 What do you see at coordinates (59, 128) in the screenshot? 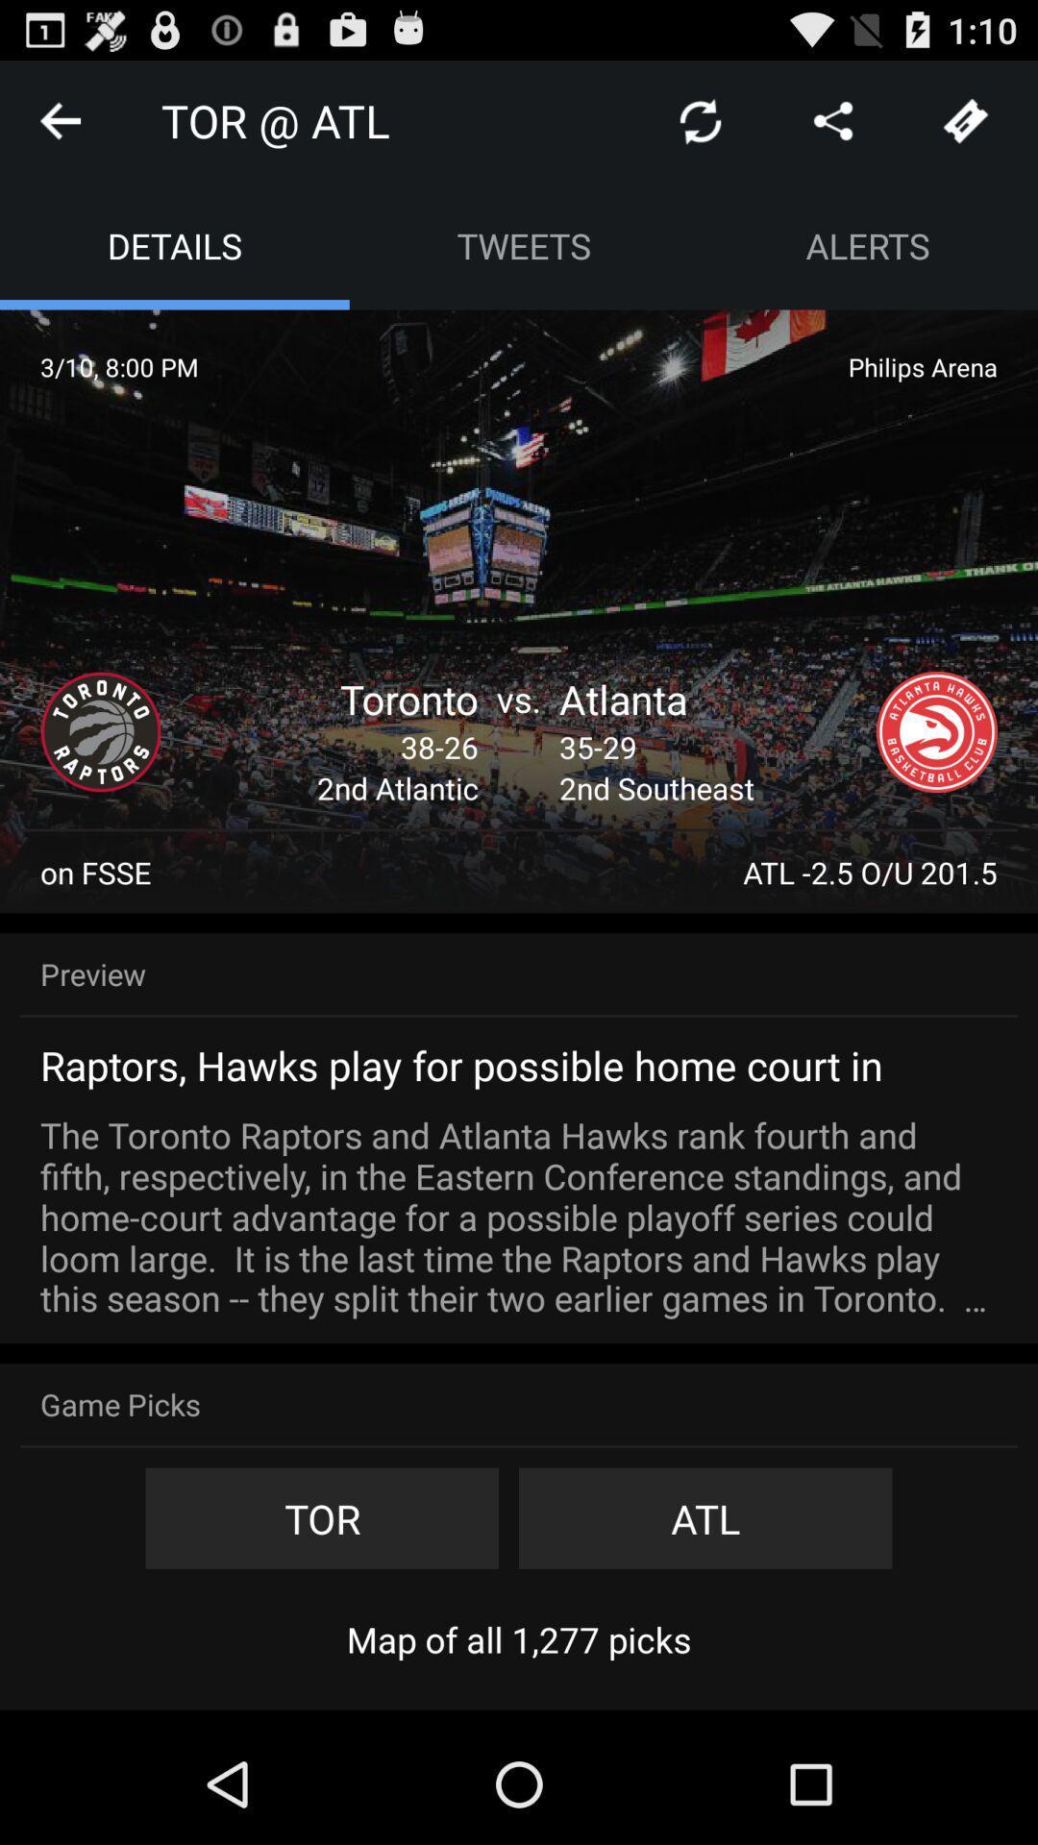
I see `the arrow_backward icon` at bounding box center [59, 128].